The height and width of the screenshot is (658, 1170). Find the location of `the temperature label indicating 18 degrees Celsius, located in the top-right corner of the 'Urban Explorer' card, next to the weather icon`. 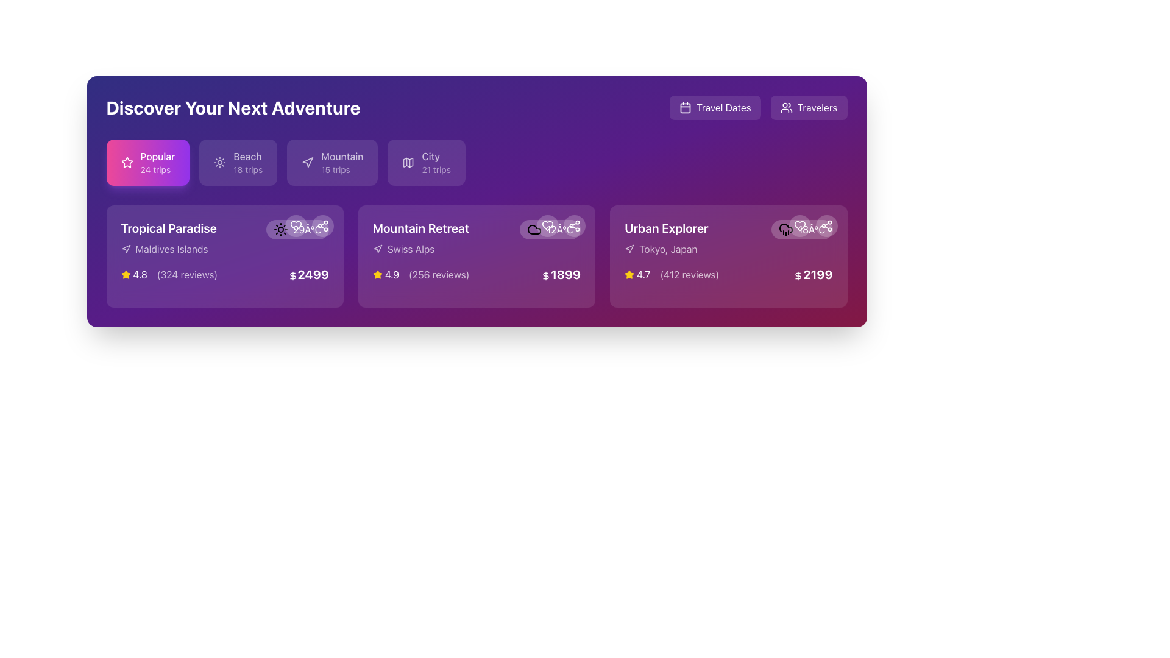

the temperature label indicating 18 degrees Celsius, located in the top-right corner of the 'Urban Explorer' card, next to the weather icon is located at coordinates (802, 230).